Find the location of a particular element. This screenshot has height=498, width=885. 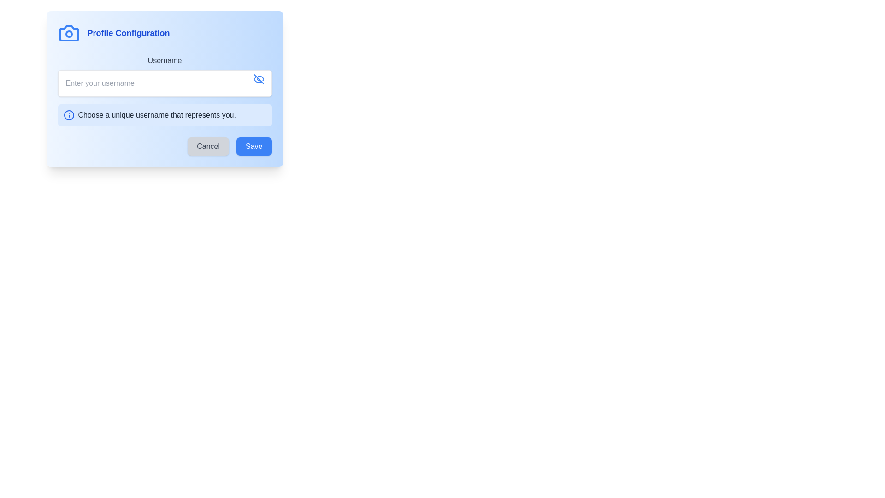

the camera icon element, which is a rectangular shape with a circular lens area in the middle is located at coordinates (68, 33).